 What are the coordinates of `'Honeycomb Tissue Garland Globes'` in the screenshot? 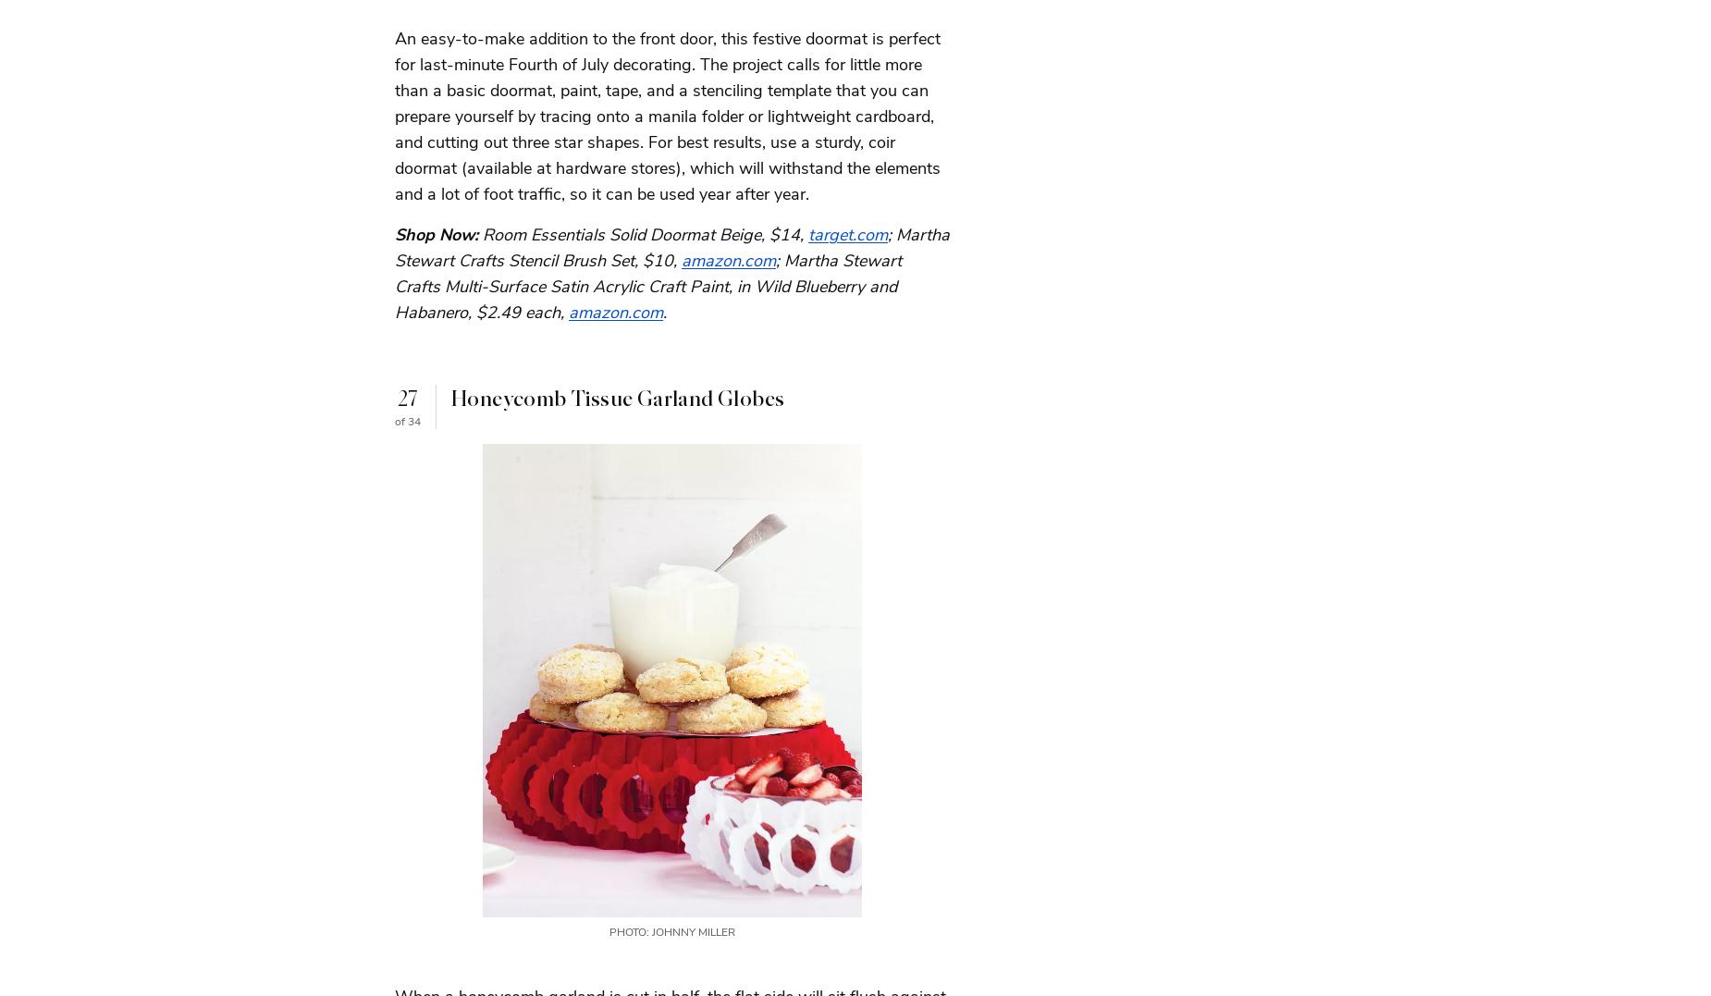 It's located at (618, 398).